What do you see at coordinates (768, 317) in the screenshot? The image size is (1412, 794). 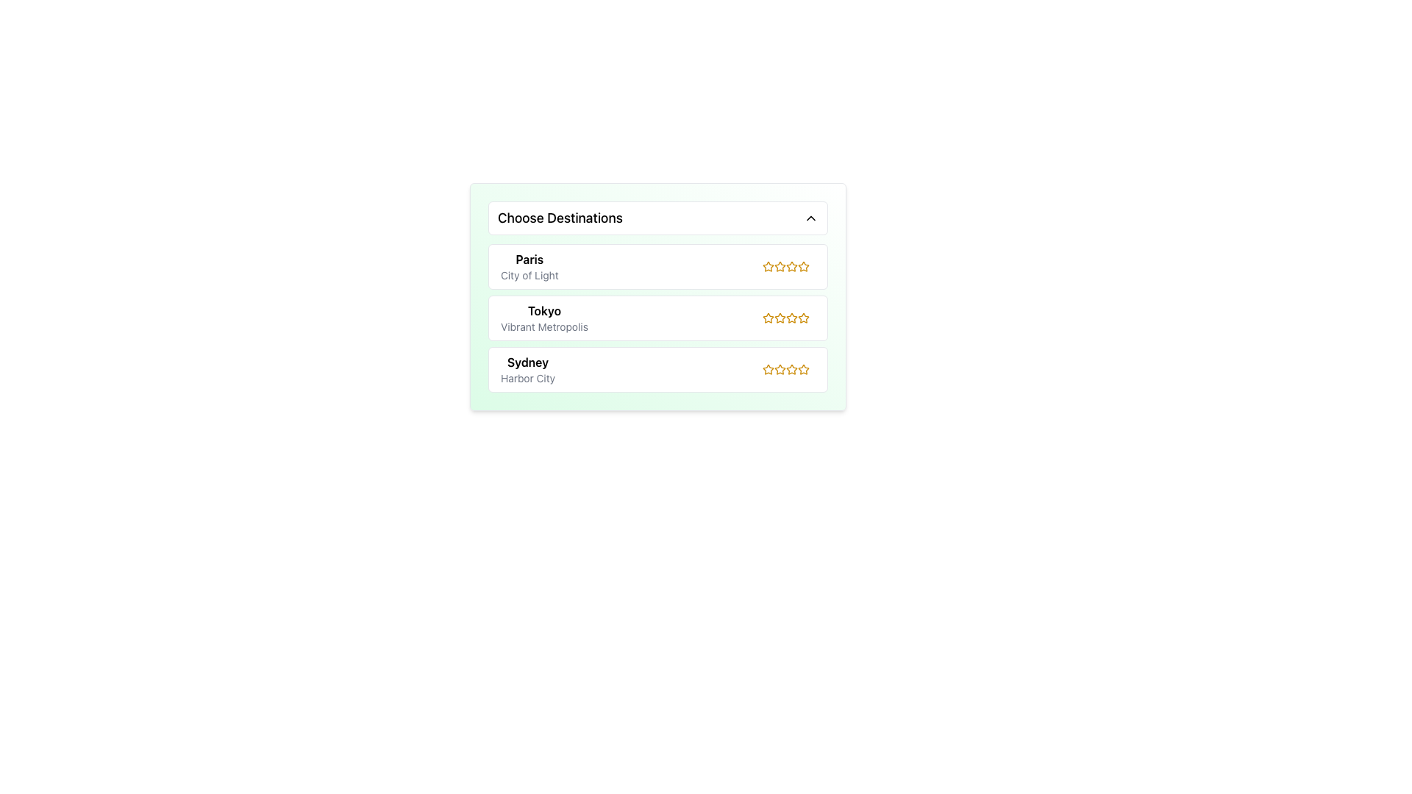 I see `the third rating star icon` at bounding box center [768, 317].